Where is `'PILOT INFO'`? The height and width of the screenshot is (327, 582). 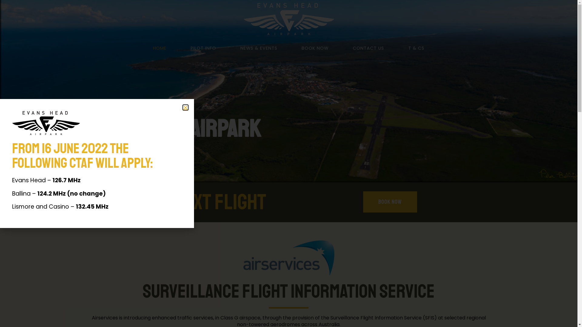 'PILOT INFO' is located at coordinates (178, 48).